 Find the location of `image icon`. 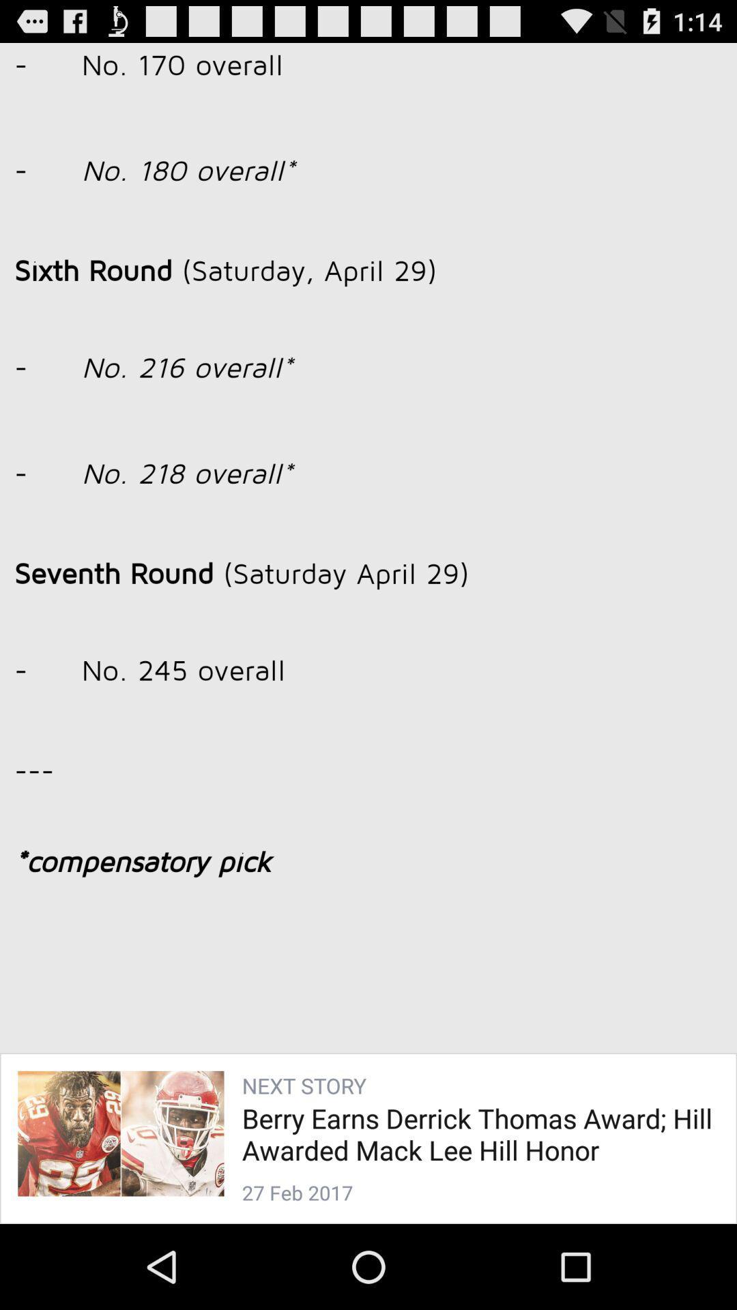

image icon is located at coordinates (369, 615).